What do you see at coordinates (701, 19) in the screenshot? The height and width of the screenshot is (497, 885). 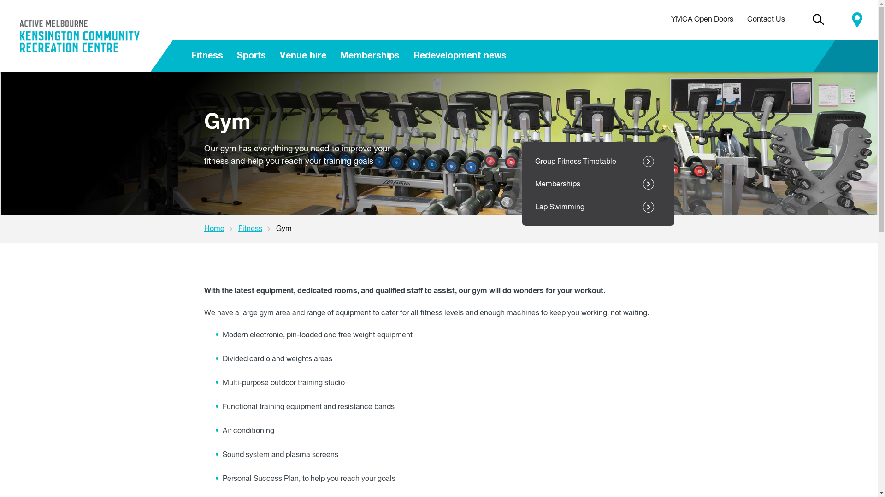 I see `'YMCA Open Doors'` at bounding box center [701, 19].